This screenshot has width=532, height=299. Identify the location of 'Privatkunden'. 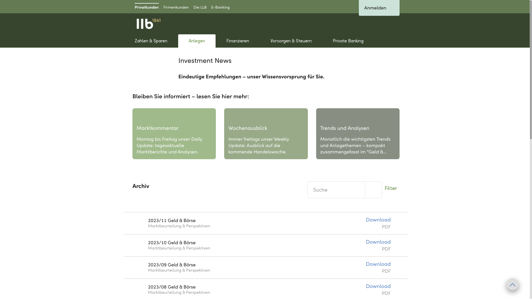
(147, 6).